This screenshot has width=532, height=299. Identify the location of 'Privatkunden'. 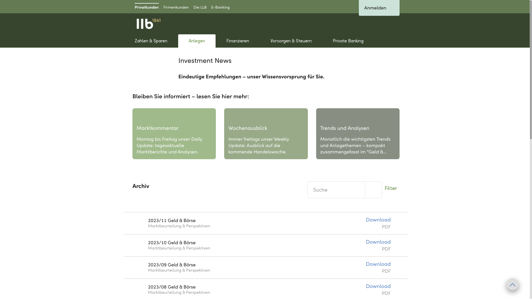
(147, 6).